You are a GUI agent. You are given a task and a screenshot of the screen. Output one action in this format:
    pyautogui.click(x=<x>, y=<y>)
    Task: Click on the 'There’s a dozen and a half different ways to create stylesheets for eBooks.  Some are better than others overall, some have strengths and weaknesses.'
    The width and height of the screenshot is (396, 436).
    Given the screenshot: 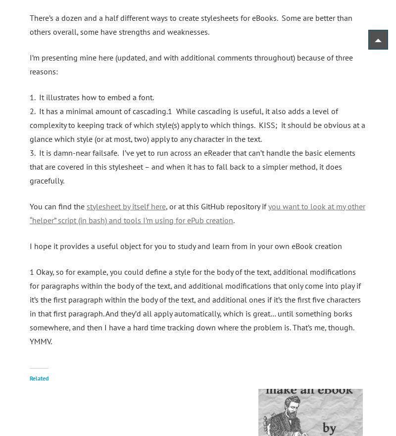 What is the action you would take?
    pyautogui.click(x=191, y=24)
    